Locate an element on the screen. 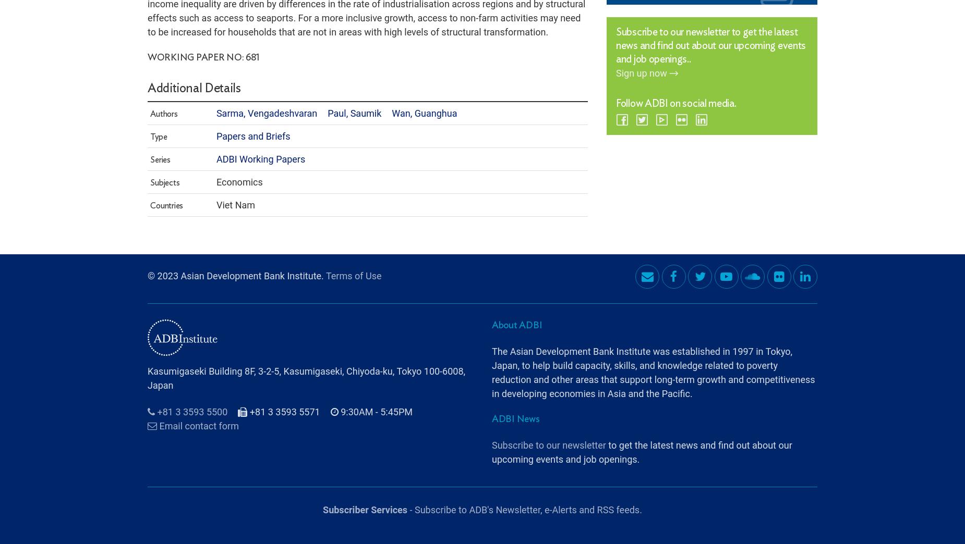 This screenshot has height=544, width=965. 'Kasumigaseki Building 8F, 3-2-5, Kasumigaseki, Chiyoda-ku, Tokyo 100-6008, Japan' is located at coordinates (306, 349).